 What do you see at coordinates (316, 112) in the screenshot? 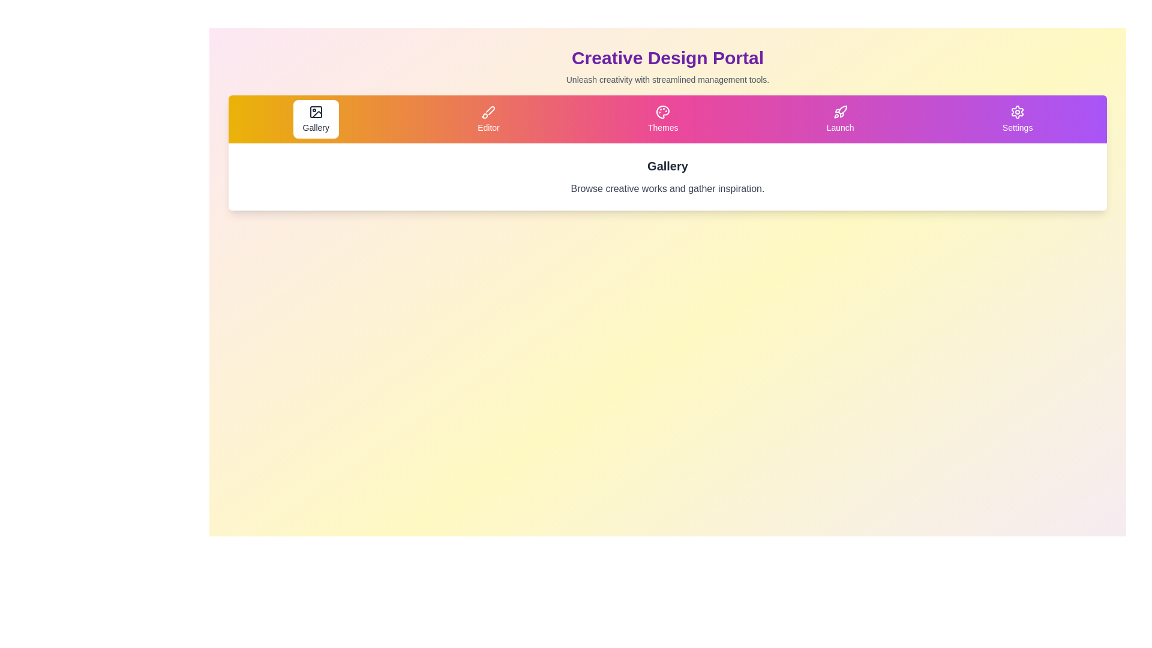
I see `the 'Gallery' Icon located on the leftmost side of the navigation bar` at bounding box center [316, 112].